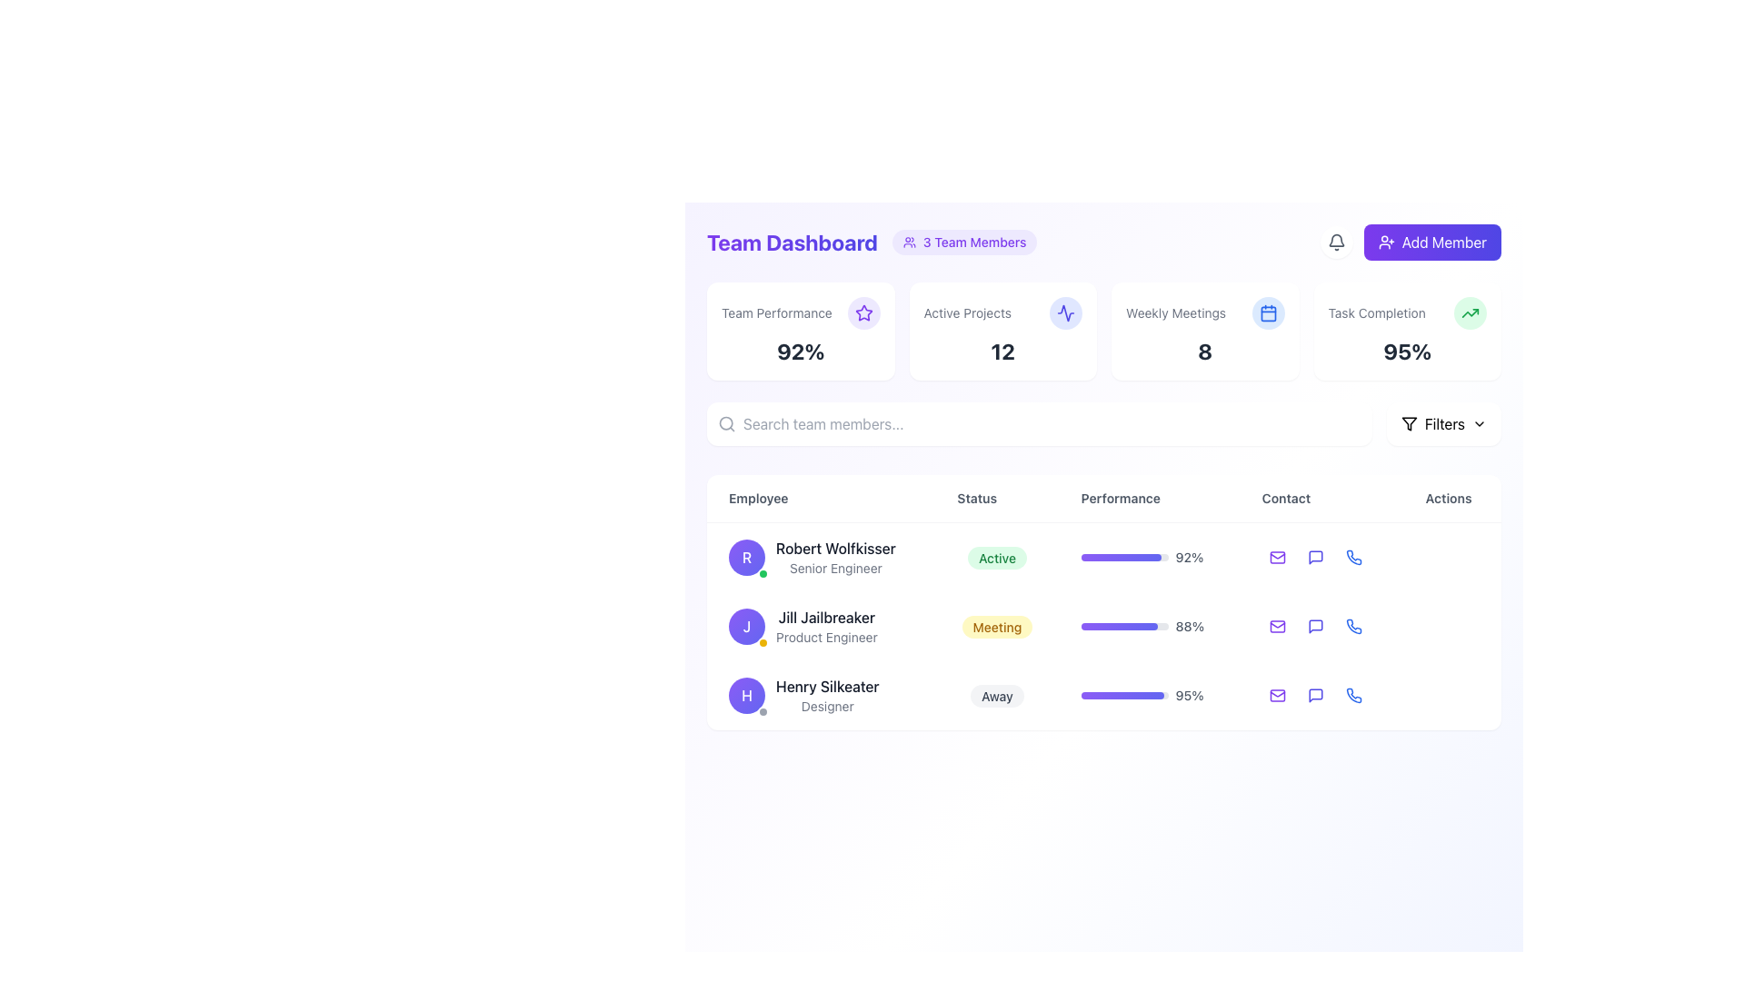 Image resolution: width=1745 pixels, height=981 pixels. I want to click on the progress bar displaying '92%' for 'Robert Wolfkisser' in the 'Performance' column, which is the first row of the table, so click(1149, 556).